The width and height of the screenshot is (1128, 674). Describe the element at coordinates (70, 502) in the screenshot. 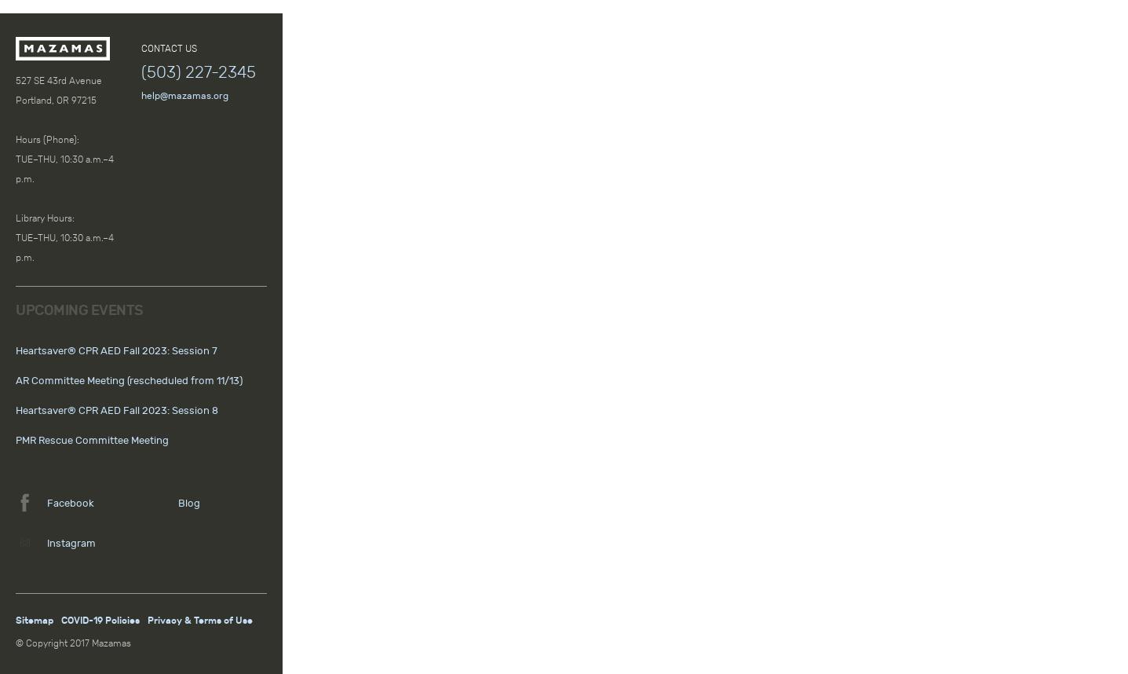

I see `'Facebook'` at that location.